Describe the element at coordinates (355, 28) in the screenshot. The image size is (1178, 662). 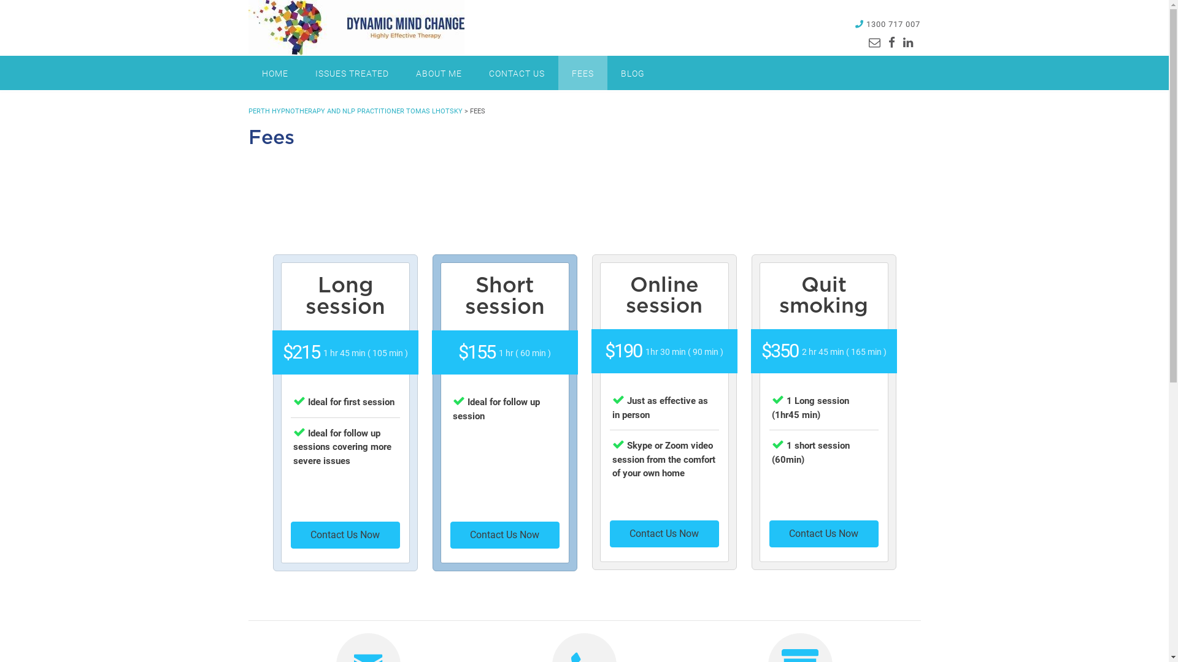
I see `'Perth Hypnotherapy and NLP Practitioner Tomas Lhotsky'` at that location.